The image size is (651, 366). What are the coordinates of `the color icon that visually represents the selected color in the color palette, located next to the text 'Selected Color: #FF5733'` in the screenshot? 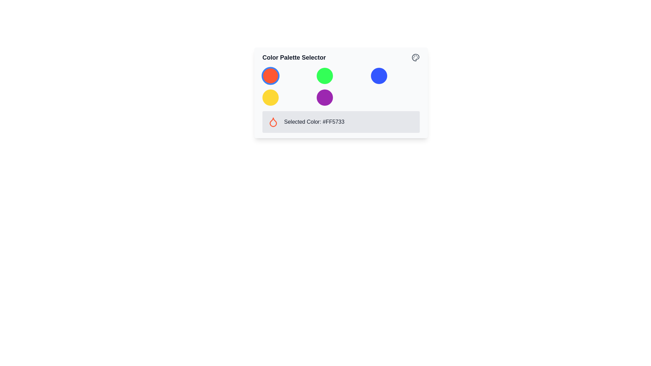 It's located at (273, 121).